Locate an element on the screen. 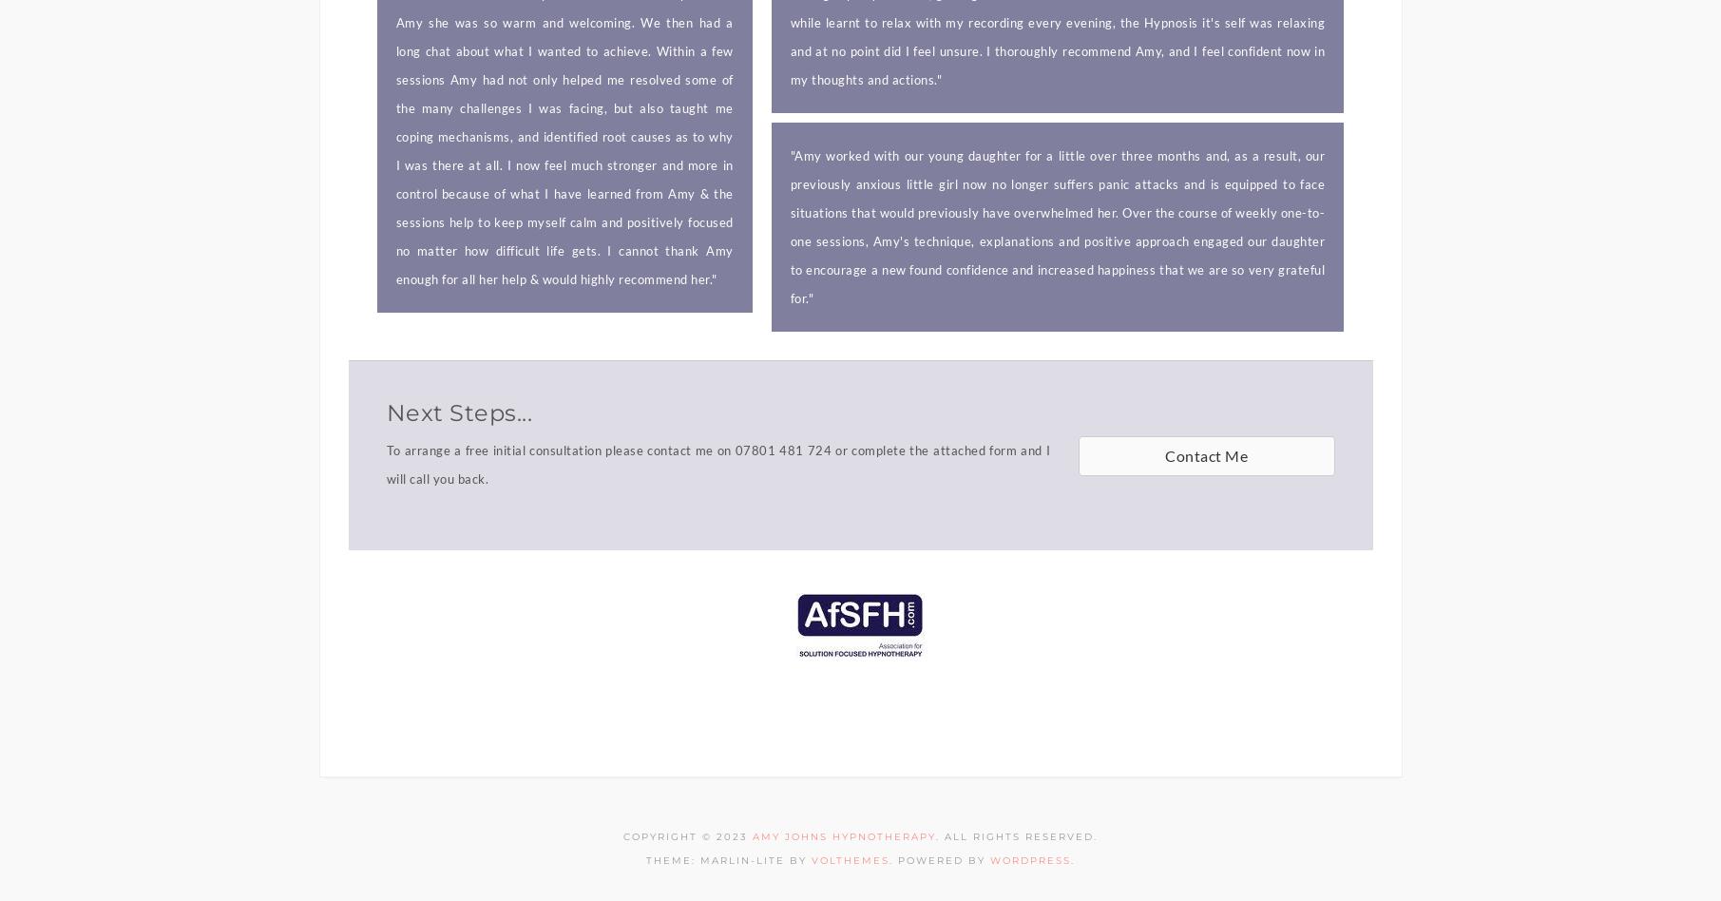 This screenshot has width=1721, height=901. 'Theme: marlin-lite by' is located at coordinates (727, 859).